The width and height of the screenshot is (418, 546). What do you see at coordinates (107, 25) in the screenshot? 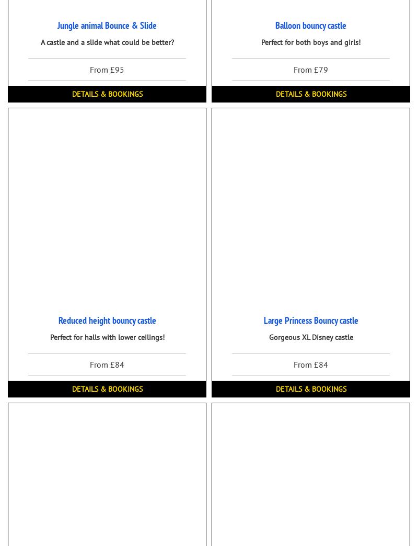
I see `'Jungle animal Bounce & Slide'` at bounding box center [107, 25].